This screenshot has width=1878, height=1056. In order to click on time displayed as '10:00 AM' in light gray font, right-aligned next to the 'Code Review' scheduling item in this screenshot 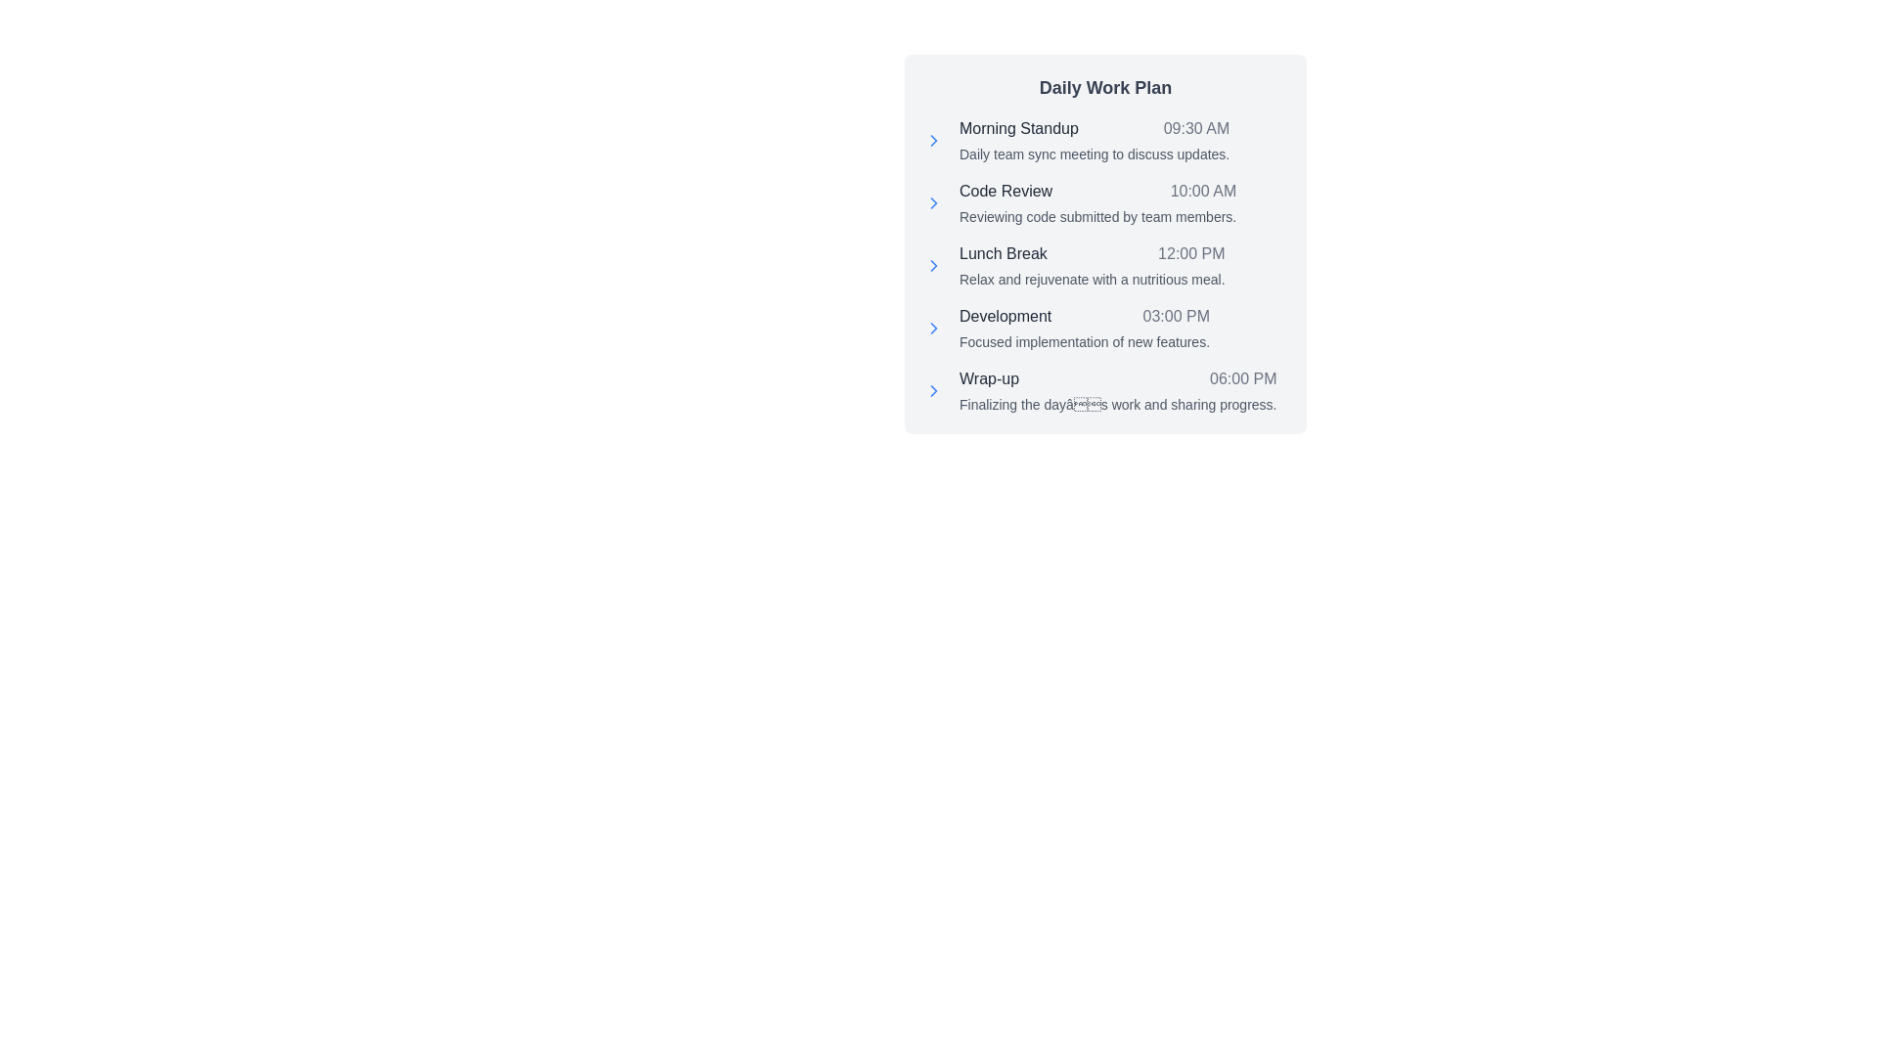, I will do `click(1202, 192)`.